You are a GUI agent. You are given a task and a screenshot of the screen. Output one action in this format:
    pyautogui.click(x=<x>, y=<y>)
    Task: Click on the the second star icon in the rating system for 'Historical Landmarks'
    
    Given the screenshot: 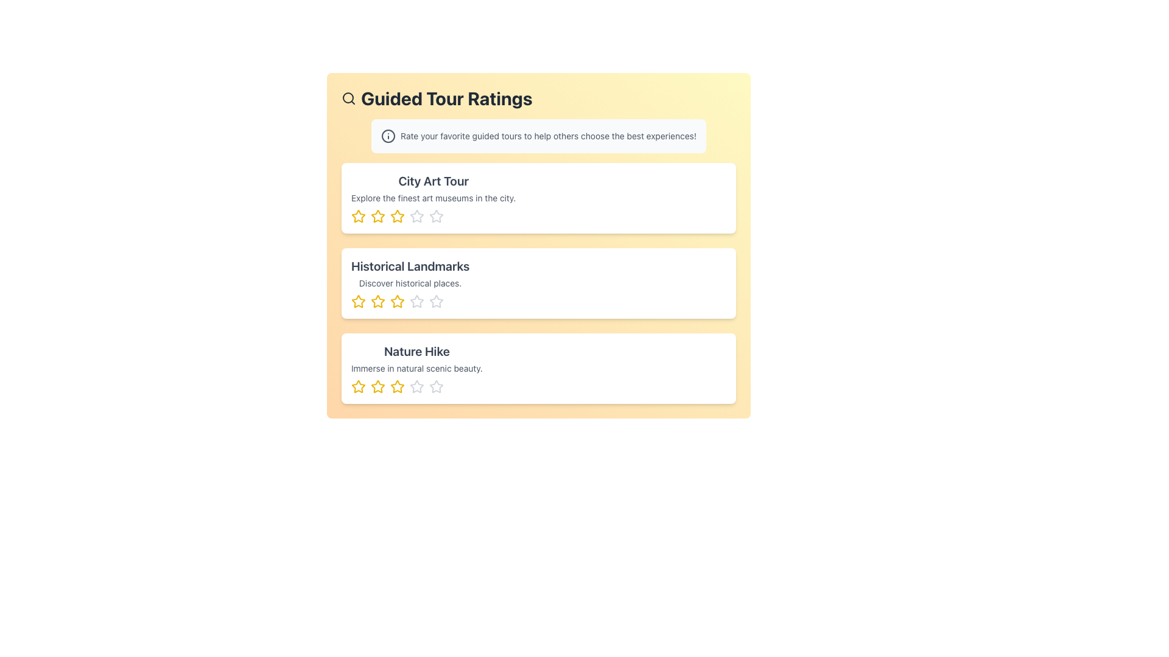 What is the action you would take?
    pyautogui.click(x=377, y=301)
    